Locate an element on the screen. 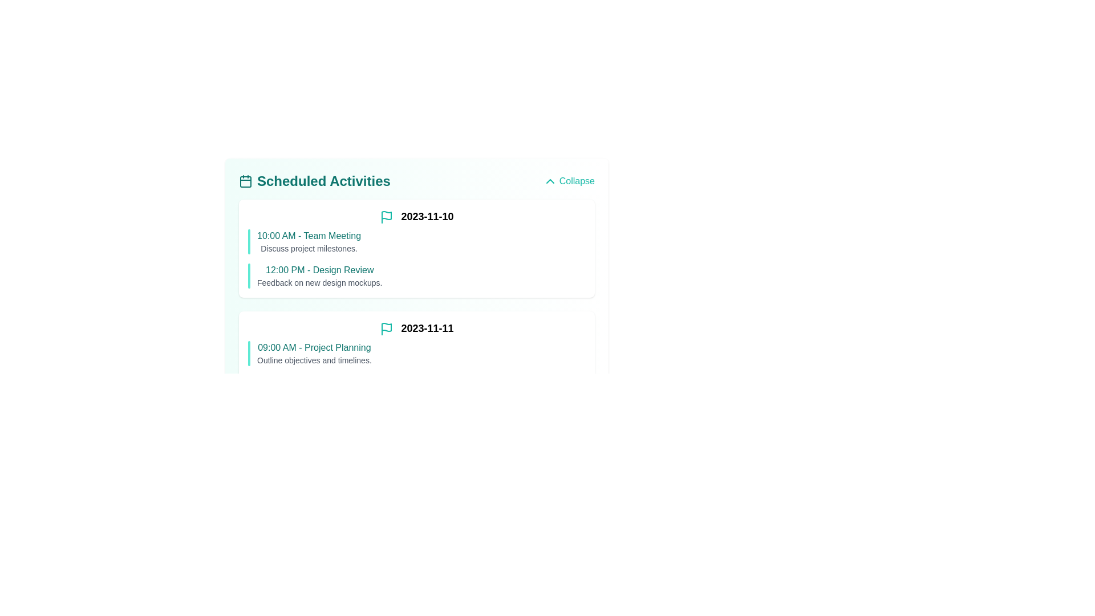 Image resolution: width=1095 pixels, height=616 pixels. the List of event descriptors that displays the schedule of activities for the day '2023-11-10', located below the date and above subsequent event cards is located at coordinates (416, 257).